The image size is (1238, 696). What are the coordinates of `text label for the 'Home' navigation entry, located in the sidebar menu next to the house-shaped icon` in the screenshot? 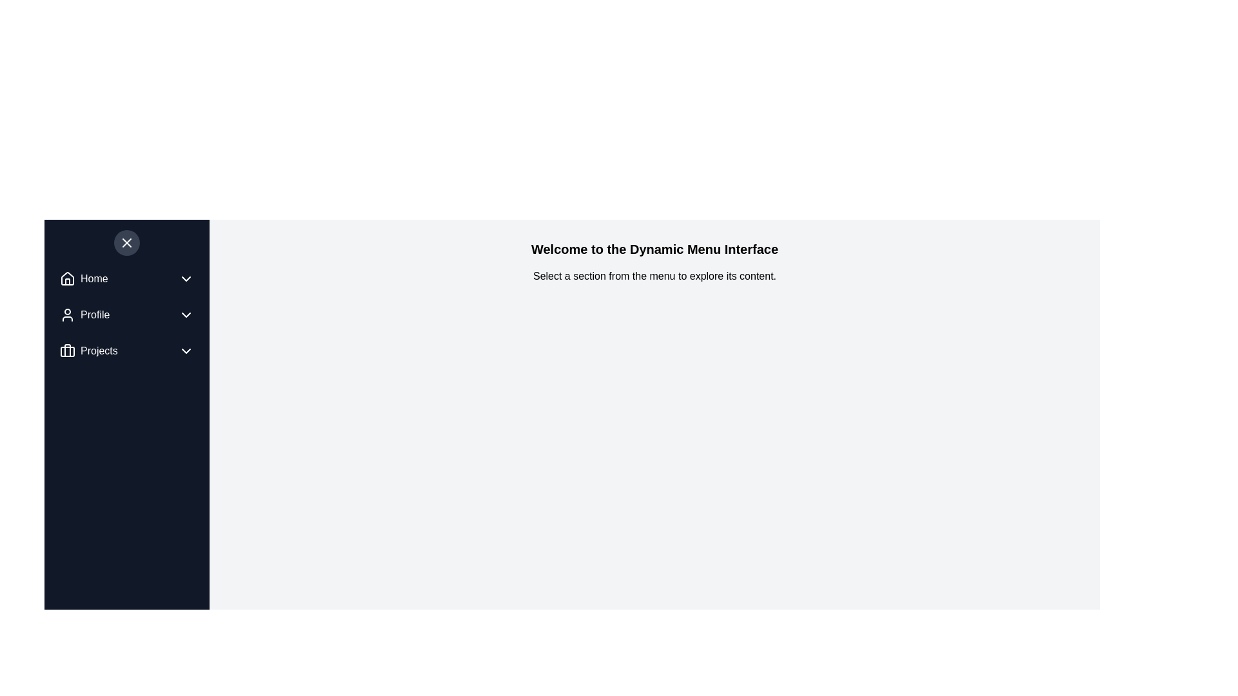 It's located at (83, 278).